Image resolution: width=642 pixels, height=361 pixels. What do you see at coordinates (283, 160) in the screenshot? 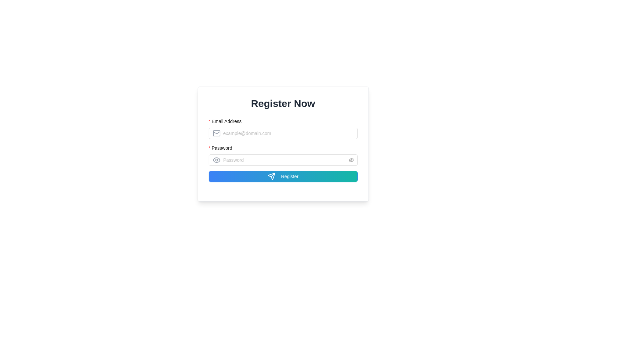
I see `to select text within the Password input field, which is located below the 'Email Address' input field in the form layout` at bounding box center [283, 160].